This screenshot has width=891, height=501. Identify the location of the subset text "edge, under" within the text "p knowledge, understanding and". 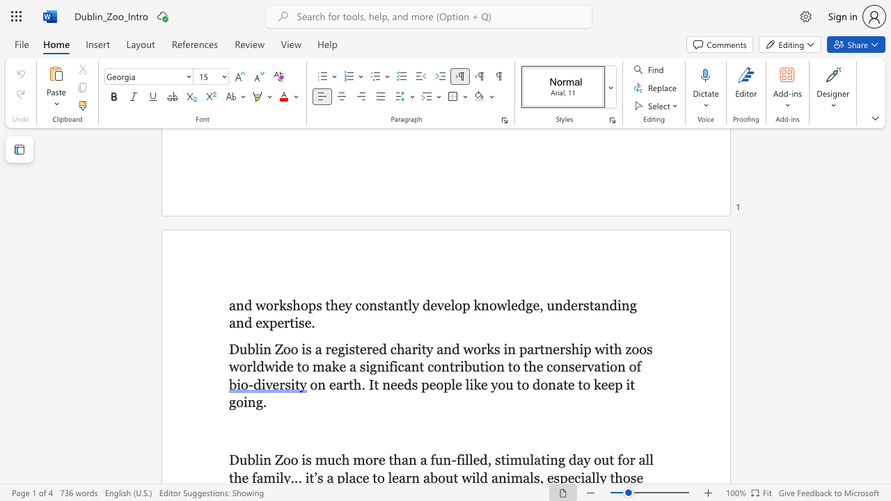
(510, 304).